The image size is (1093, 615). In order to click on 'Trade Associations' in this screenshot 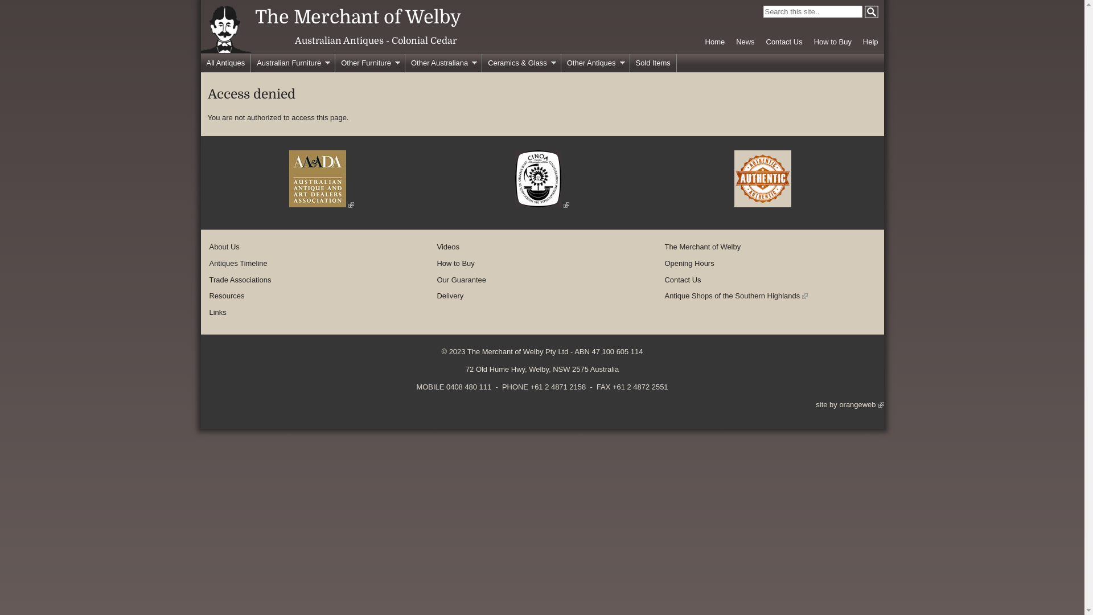, I will do `click(209, 280)`.